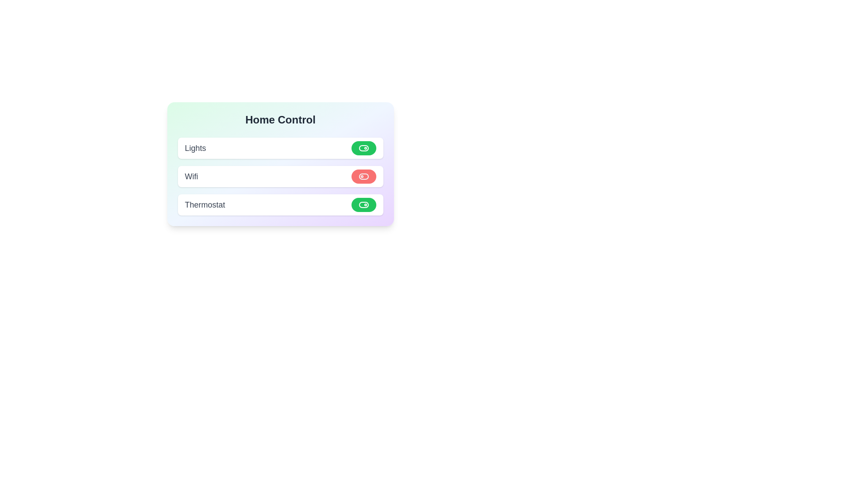 Image resolution: width=850 pixels, height=478 pixels. What do you see at coordinates (195, 148) in the screenshot?
I see `the Text Label that identifies the 'Lights' feature in the control panel, located in the first row of options to the left of the toggle button` at bounding box center [195, 148].